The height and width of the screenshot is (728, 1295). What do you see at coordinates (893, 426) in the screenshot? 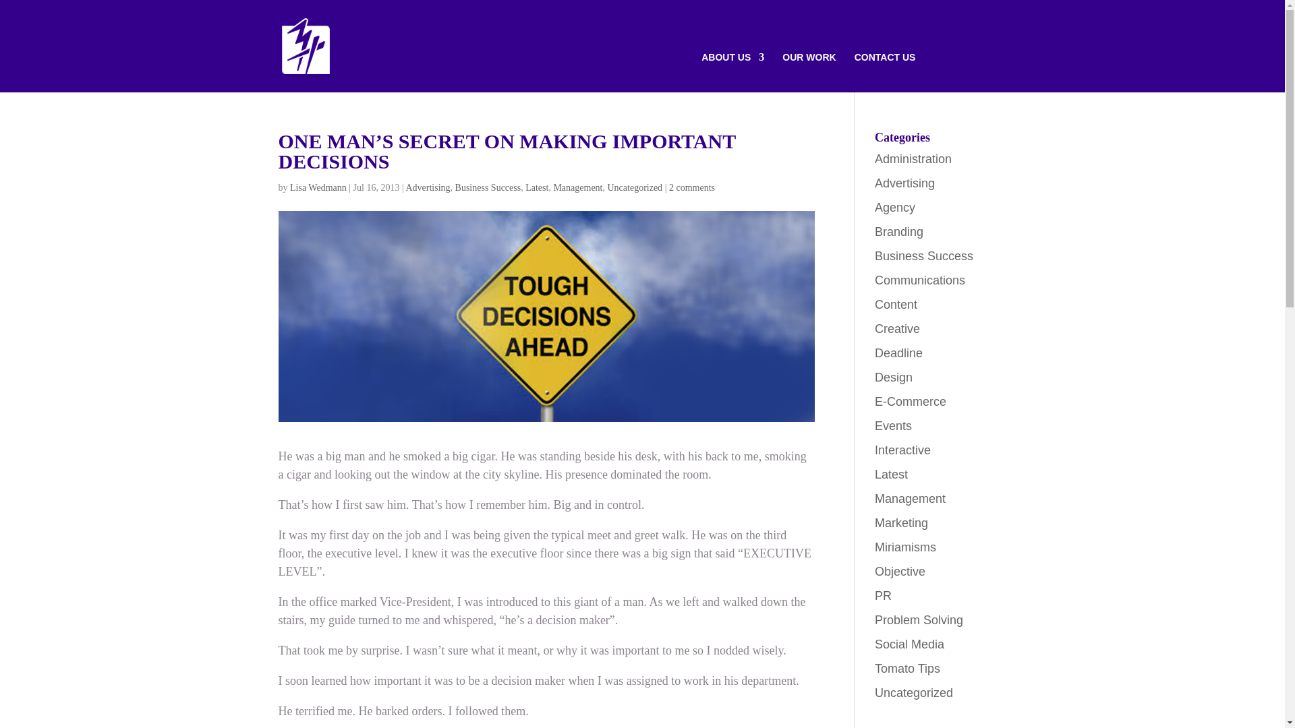
I see `'Events'` at bounding box center [893, 426].